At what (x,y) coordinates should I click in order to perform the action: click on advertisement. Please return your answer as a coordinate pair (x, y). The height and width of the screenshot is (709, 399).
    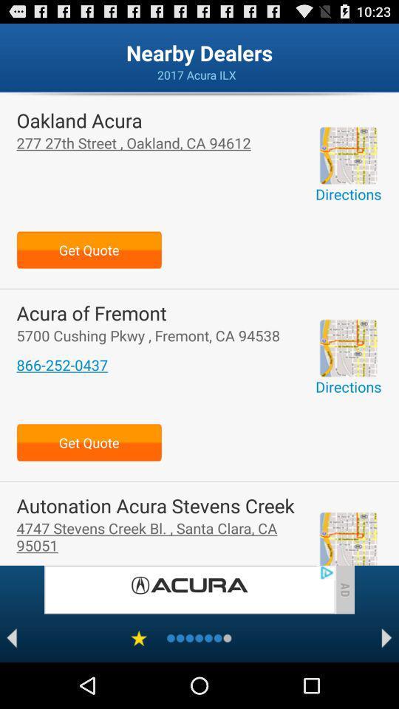
    Looking at the image, I should click on (189, 589).